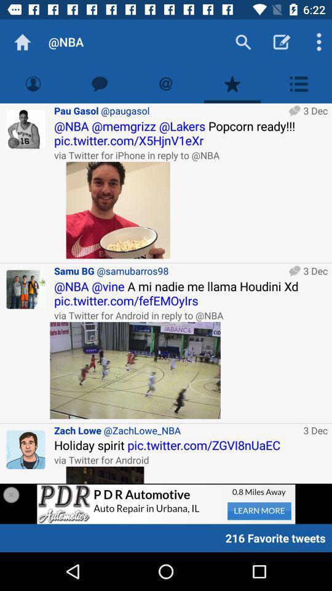 The width and height of the screenshot is (332, 591). I want to click on user profile, so click(26, 289).